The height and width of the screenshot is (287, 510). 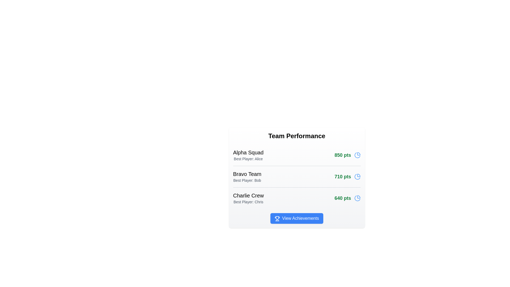 I want to click on the team score to view details for Charlie Crew, so click(x=347, y=198).